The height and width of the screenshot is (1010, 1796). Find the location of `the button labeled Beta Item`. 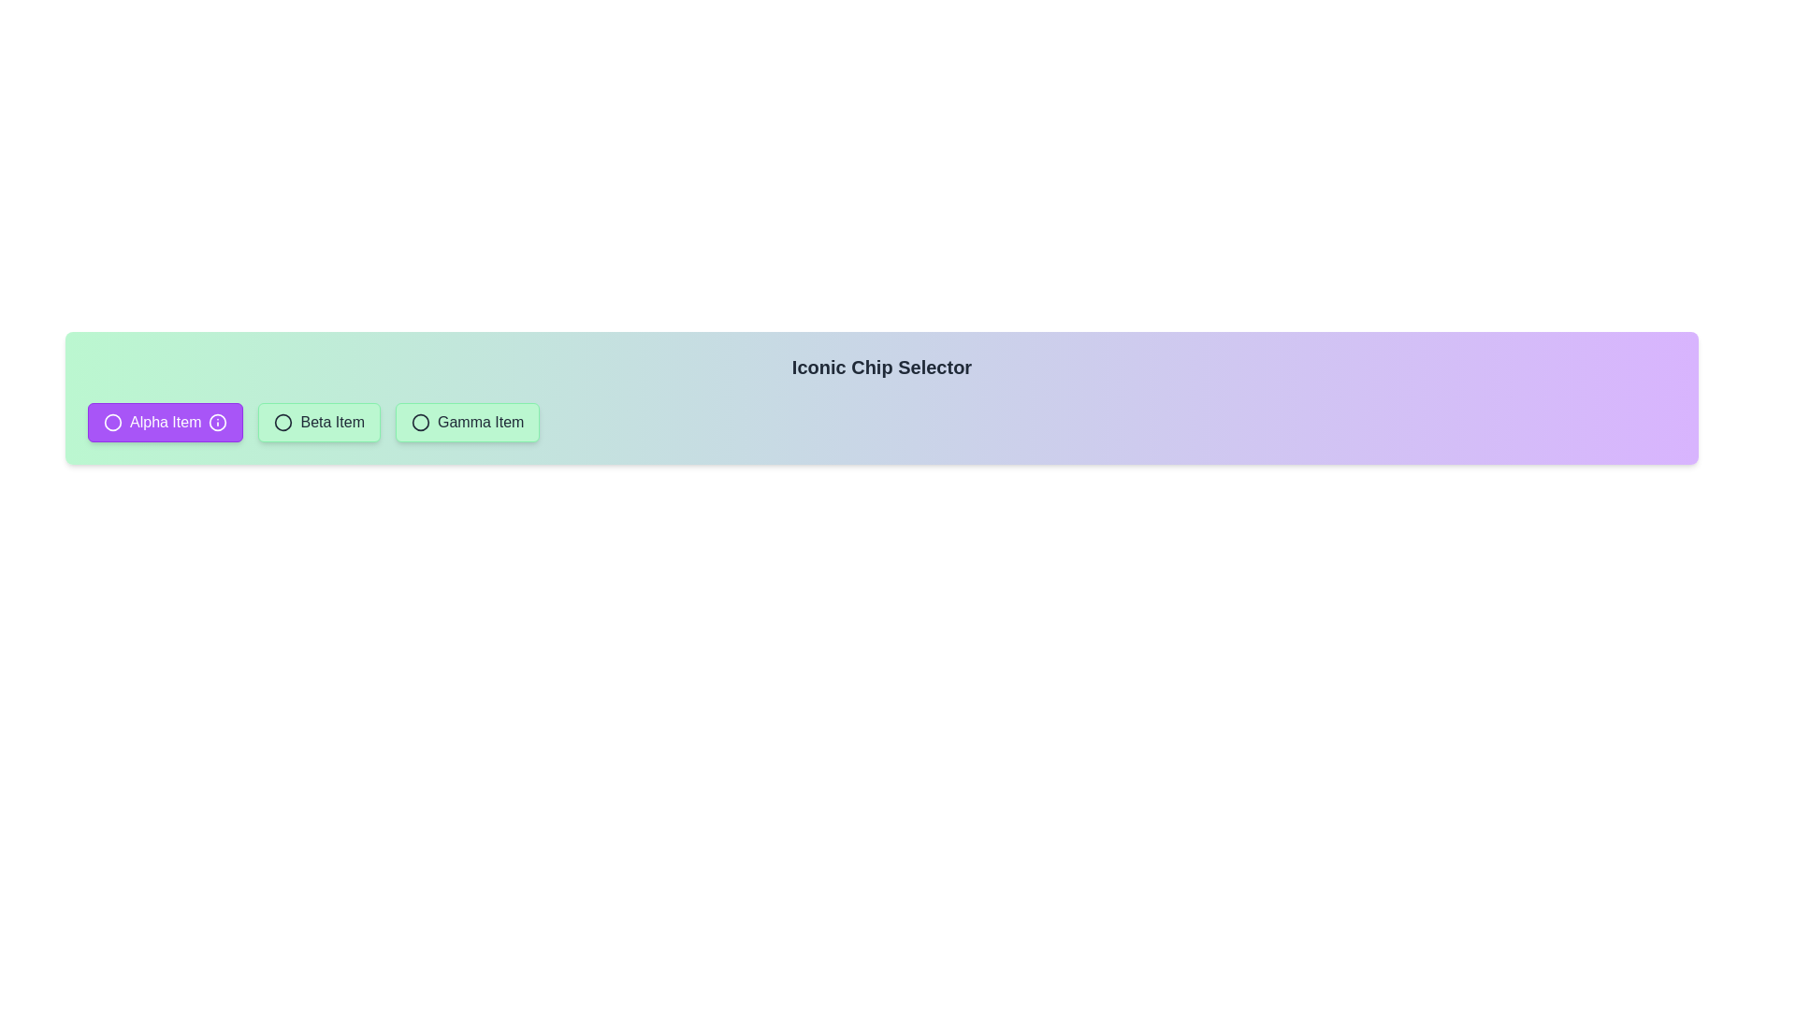

the button labeled Beta Item is located at coordinates (318, 422).